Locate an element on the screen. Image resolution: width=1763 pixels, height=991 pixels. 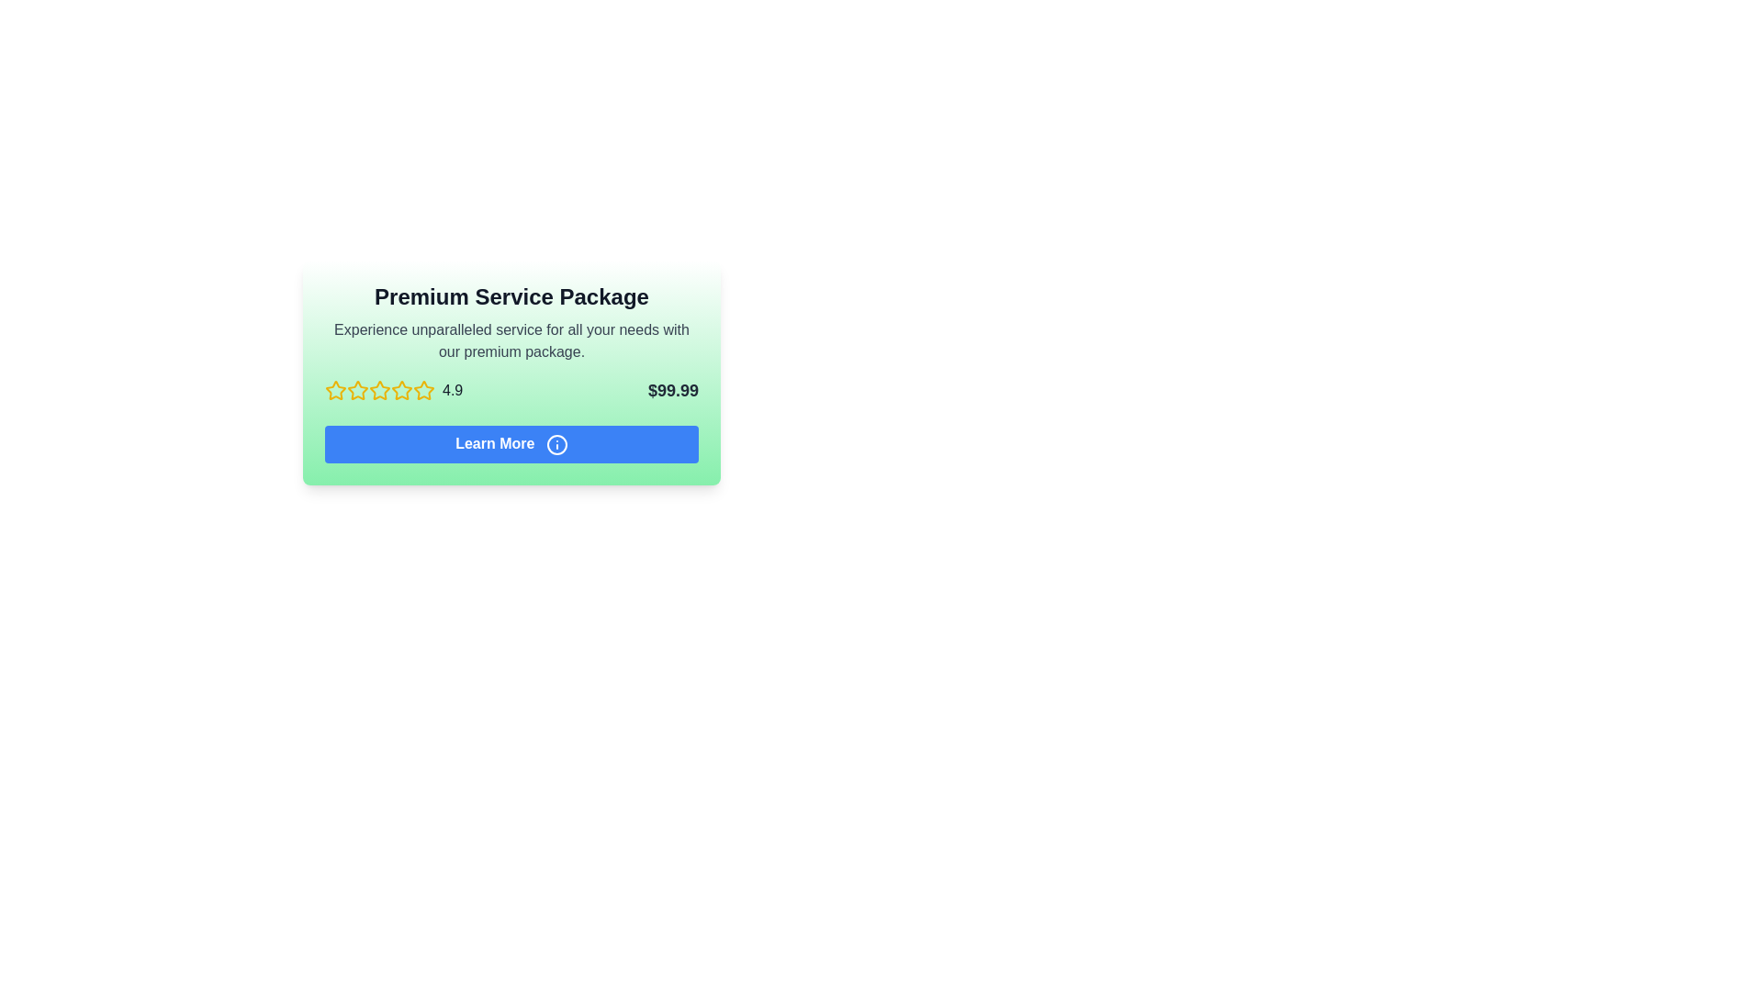
the circular icon with a blue outline and white fill that is part of the 'Learn More' button located at the bottom center of the card layout is located at coordinates (556, 444).